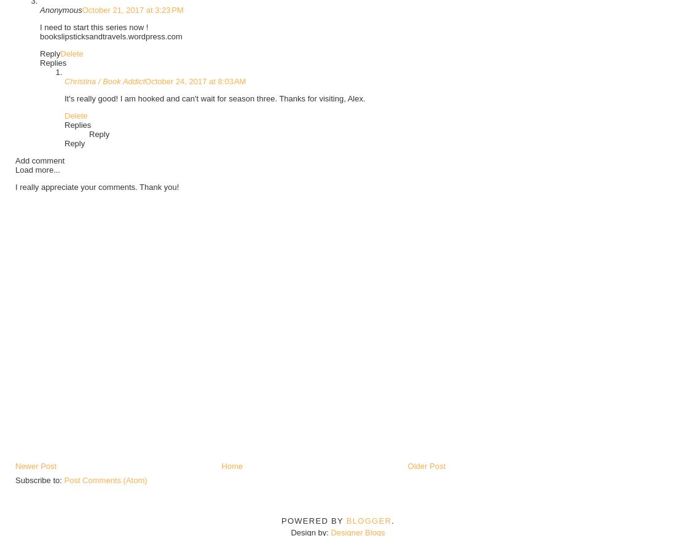 Image resolution: width=676 pixels, height=536 pixels. Describe the element at coordinates (37, 169) in the screenshot. I see `'Load more...'` at that location.